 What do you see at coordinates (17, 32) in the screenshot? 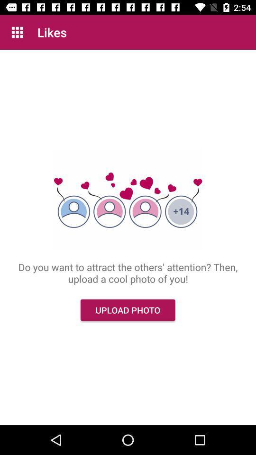
I see `the item above do you want item` at bounding box center [17, 32].